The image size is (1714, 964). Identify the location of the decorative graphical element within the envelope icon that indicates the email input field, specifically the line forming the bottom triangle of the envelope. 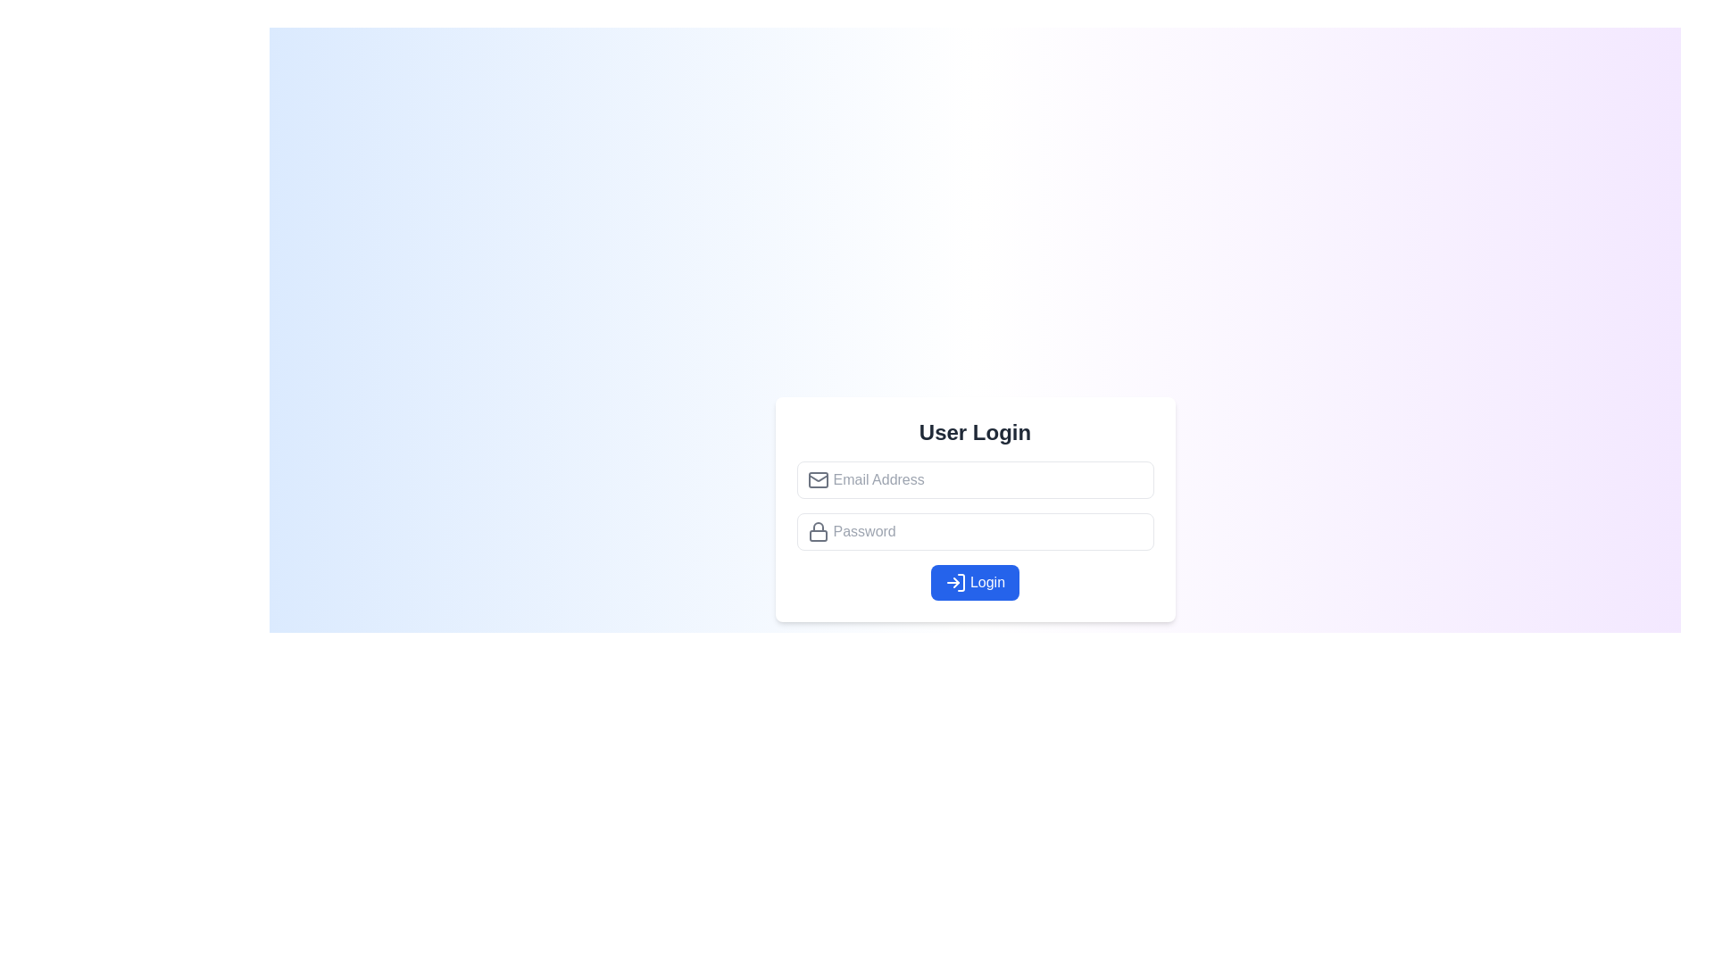
(817, 478).